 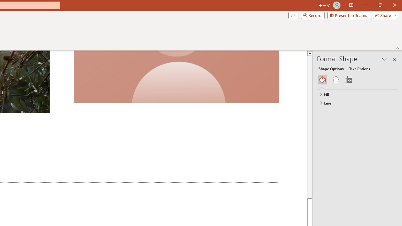 What do you see at coordinates (176, 77) in the screenshot?
I see `'Camera 7, No camera detected.'` at bounding box center [176, 77].